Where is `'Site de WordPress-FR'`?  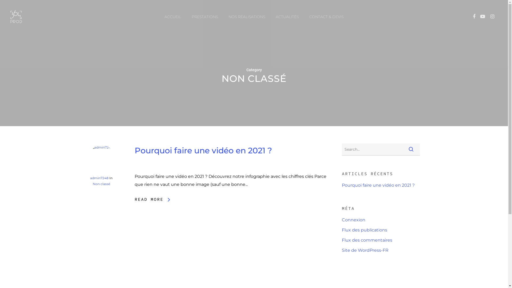 'Site de WordPress-FR' is located at coordinates (381, 250).